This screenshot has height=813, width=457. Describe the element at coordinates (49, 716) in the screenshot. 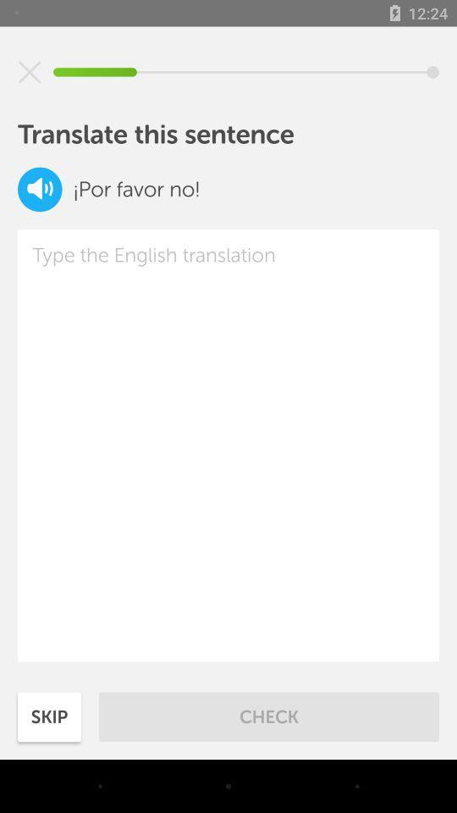

I see `skip icon` at that location.